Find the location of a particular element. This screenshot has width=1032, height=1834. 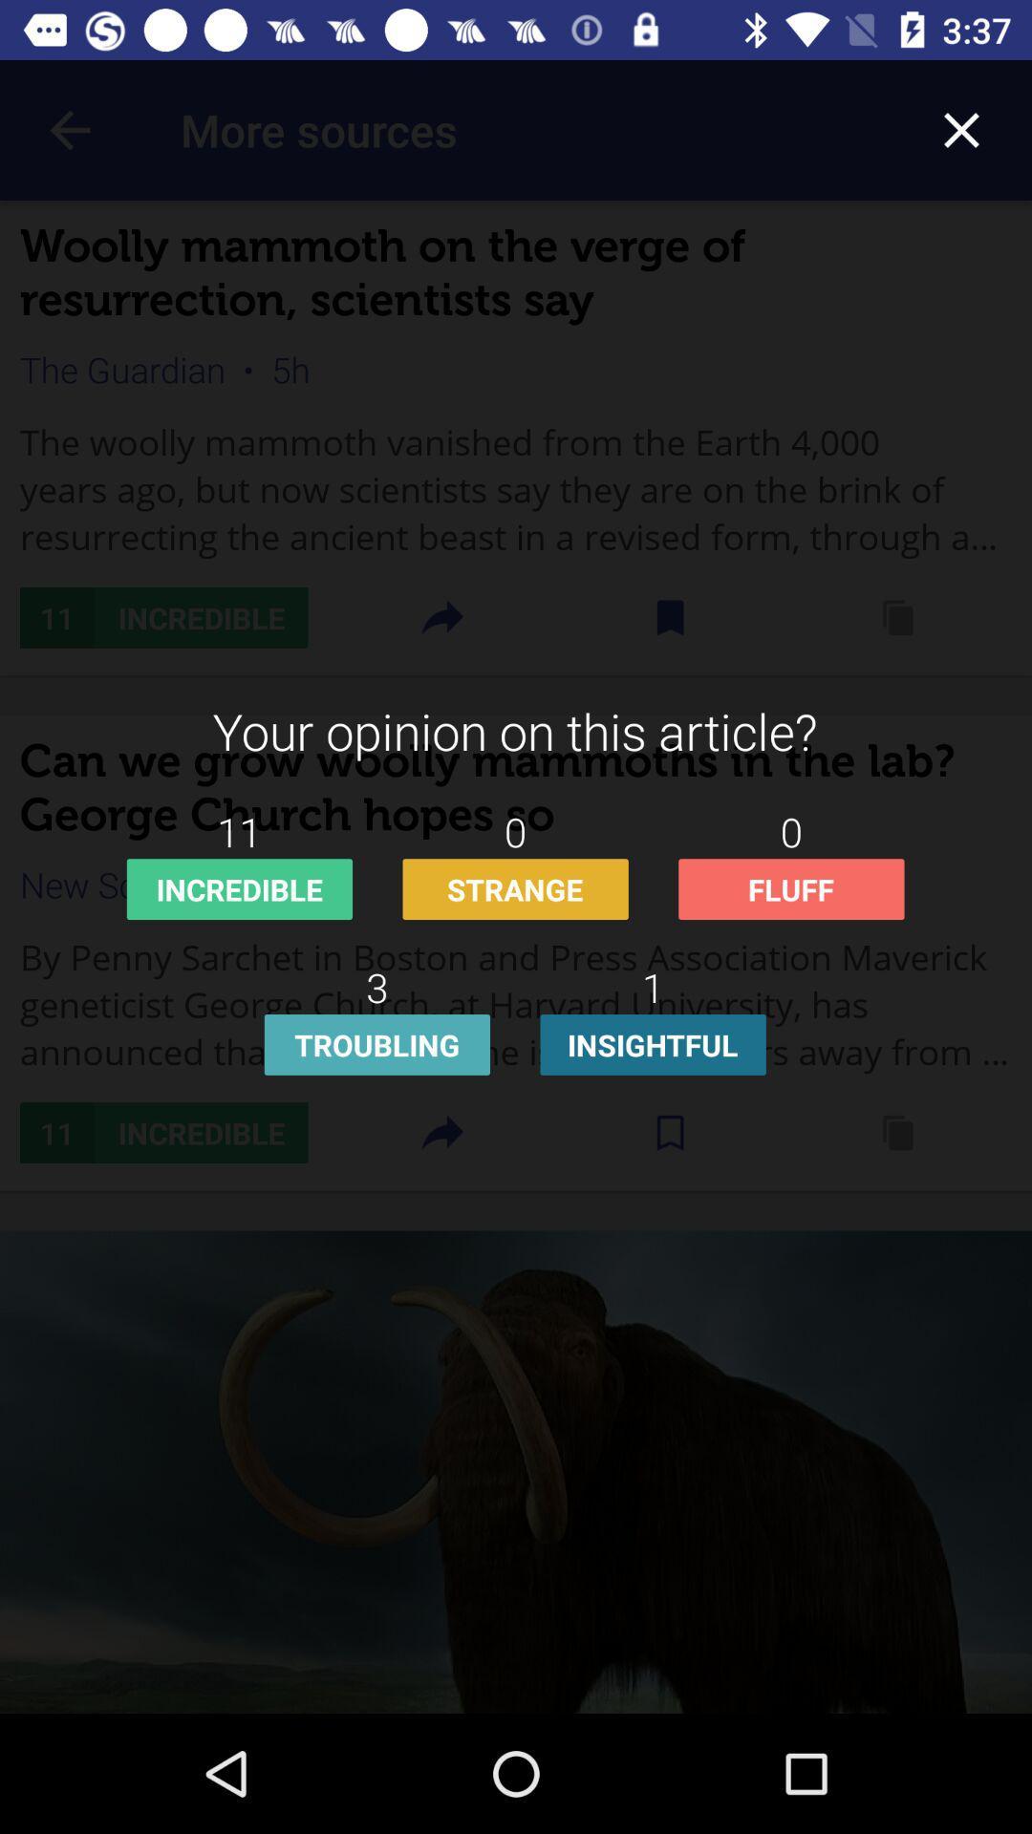

the icon next to the more sources icon is located at coordinates (961, 129).